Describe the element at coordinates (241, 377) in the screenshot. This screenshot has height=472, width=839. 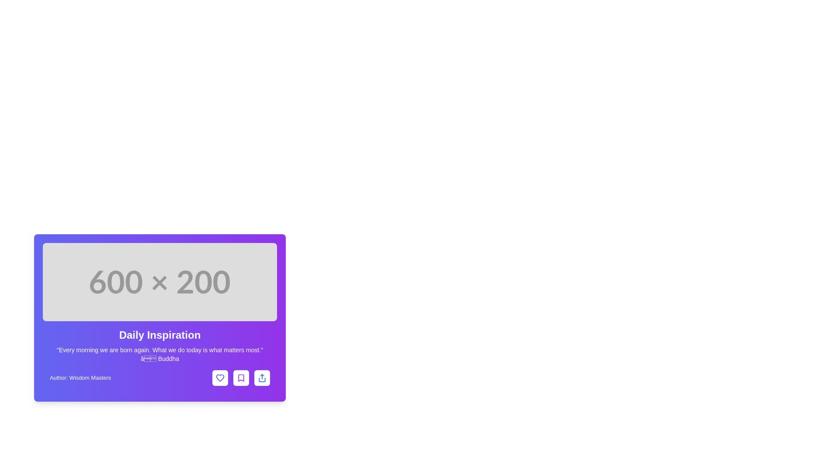
I see `the purple bookmark button with rounded corners located at the bottom-right section of the interface card, following the text 'Author: Wisdom Masters', to bookmark the item` at that location.